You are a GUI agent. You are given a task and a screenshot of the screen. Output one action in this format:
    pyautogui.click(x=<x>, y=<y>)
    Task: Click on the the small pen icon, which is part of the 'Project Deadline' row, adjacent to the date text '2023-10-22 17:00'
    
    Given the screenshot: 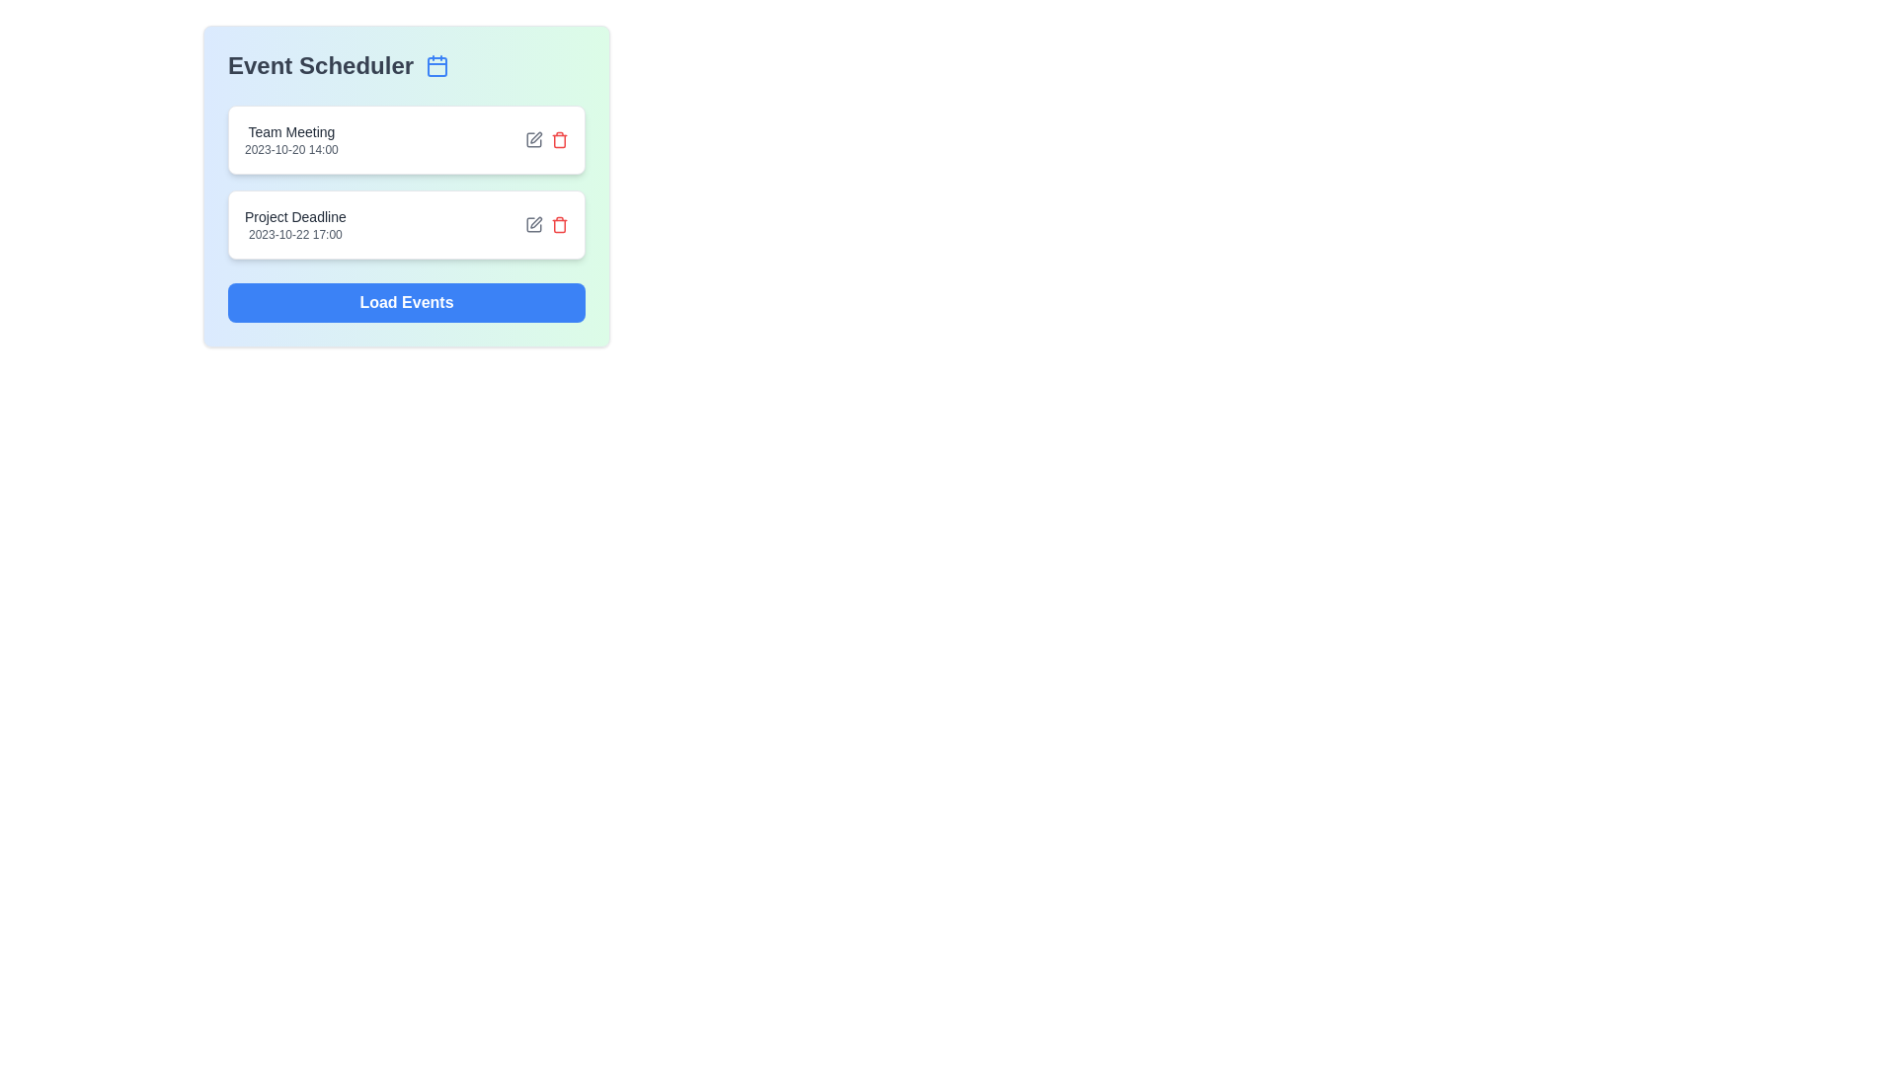 What is the action you would take?
    pyautogui.click(x=536, y=222)
    